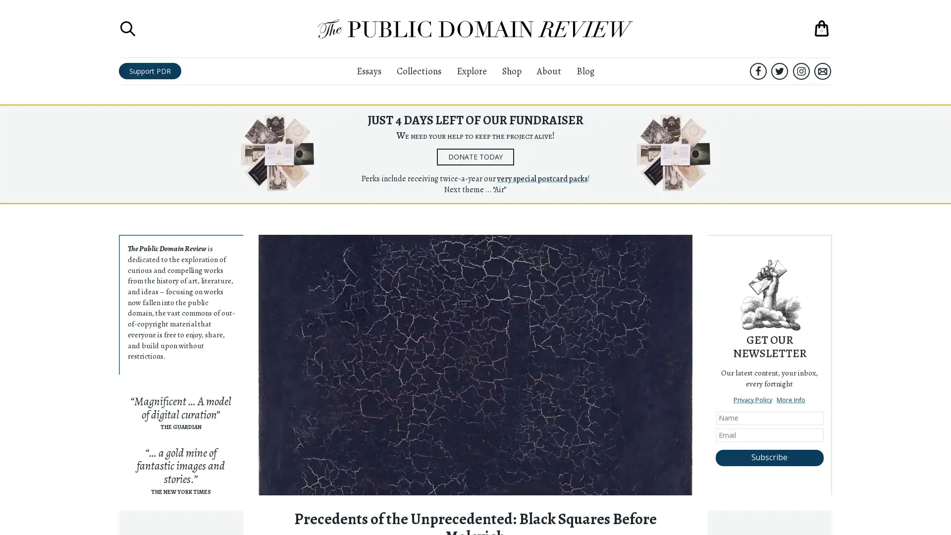  Describe the element at coordinates (769, 458) in the screenshot. I see `Subscribe` at that location.